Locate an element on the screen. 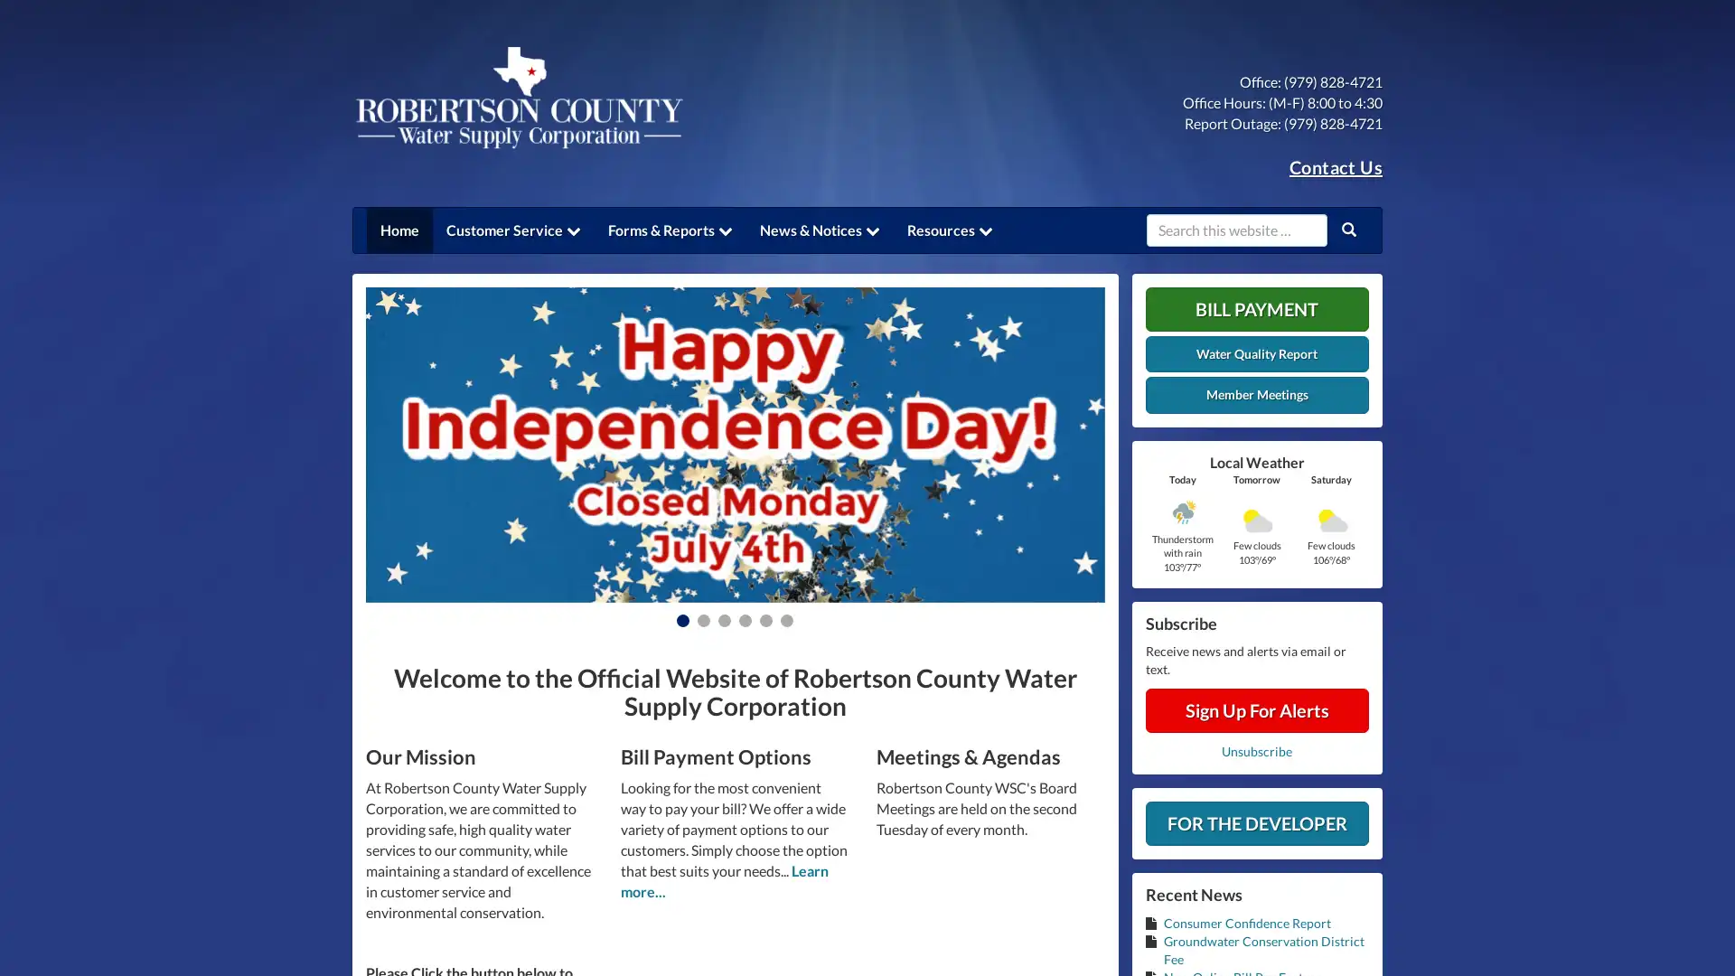  Search is located at coordinates (1348, 229).